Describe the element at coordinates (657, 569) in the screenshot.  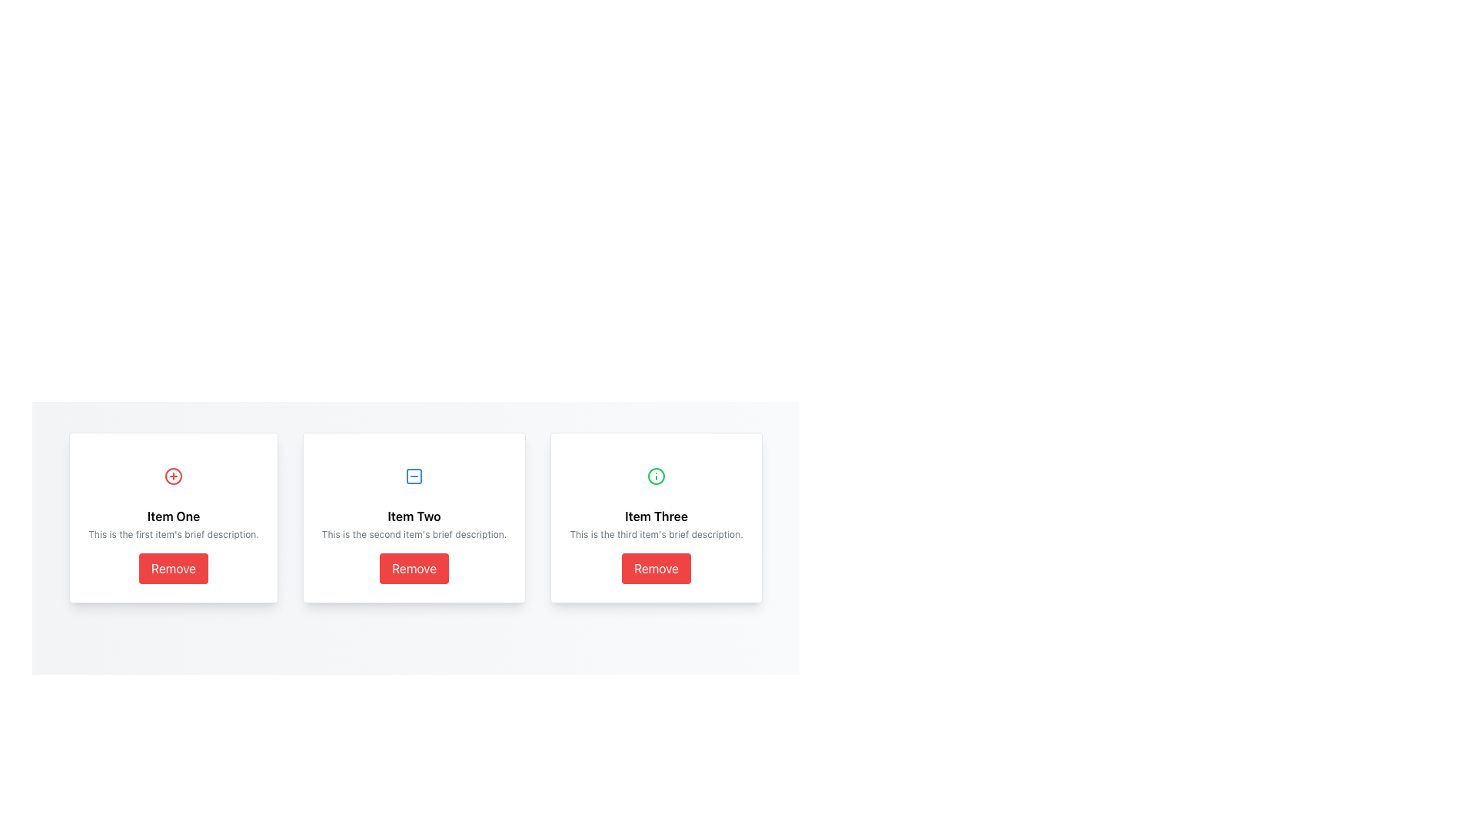
I see `the third 'Remove' button located at the bottom of the card displaying 'Item Three' to observe its hover state change` at that location.